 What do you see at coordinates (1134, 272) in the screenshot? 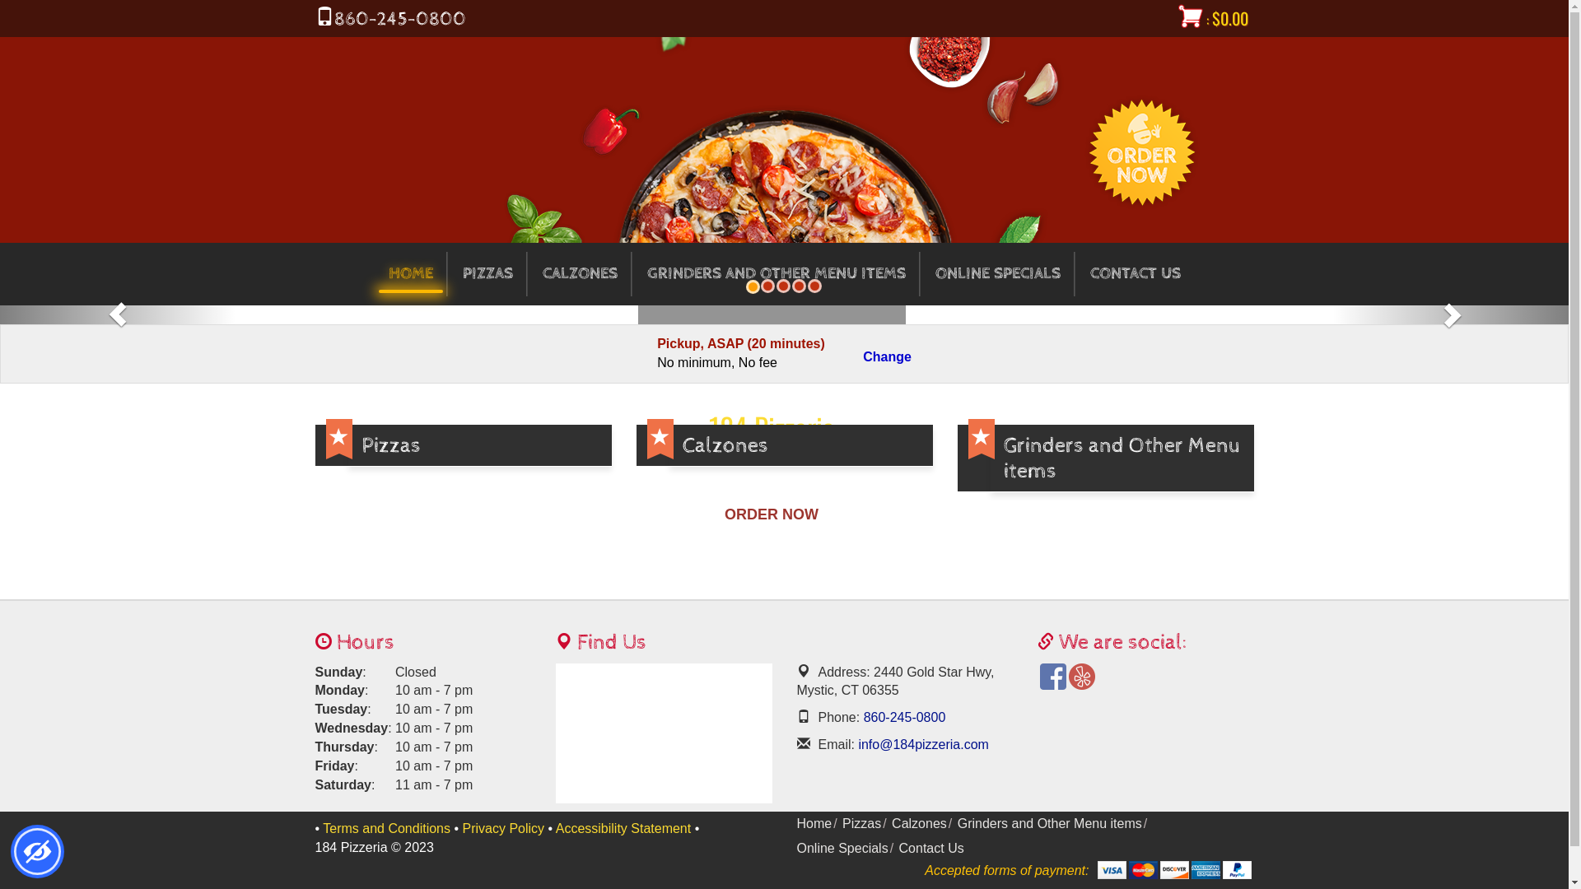
I see `'CONTACT US'` at bounding box center [1134, 272].